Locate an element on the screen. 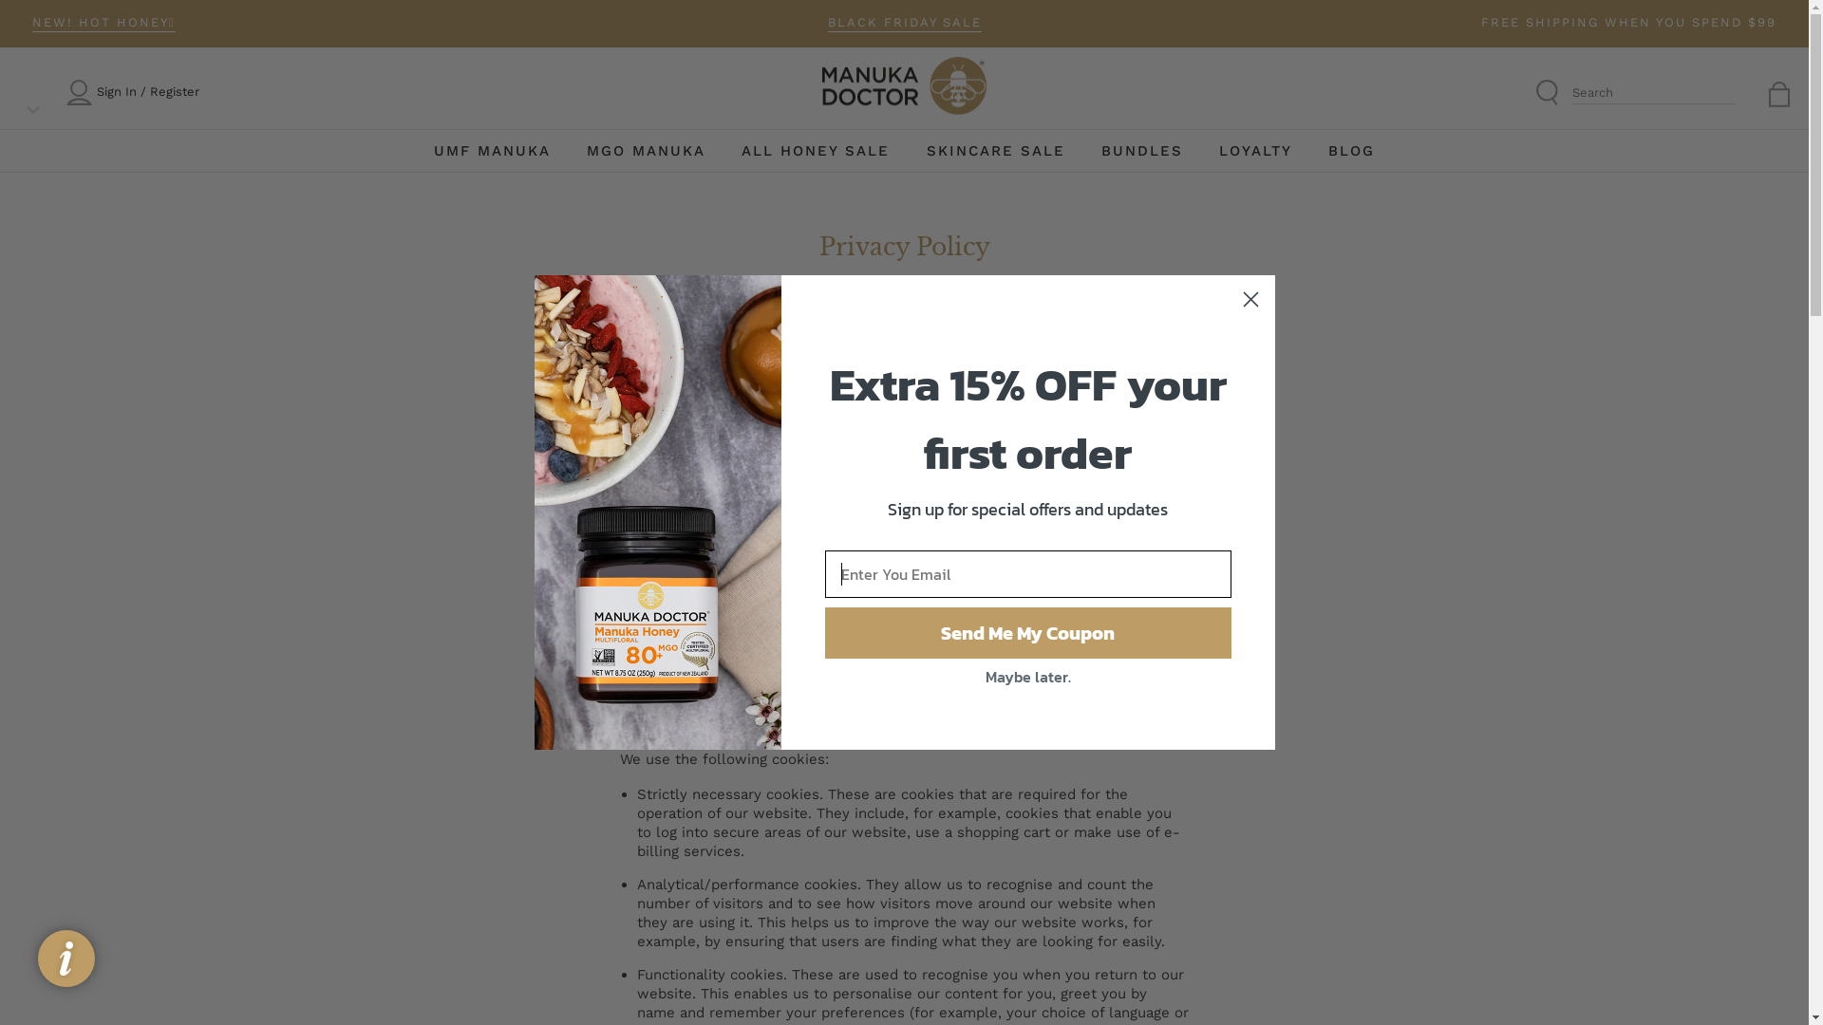  'Sign In / Register' is located at coordinates (147, 92).